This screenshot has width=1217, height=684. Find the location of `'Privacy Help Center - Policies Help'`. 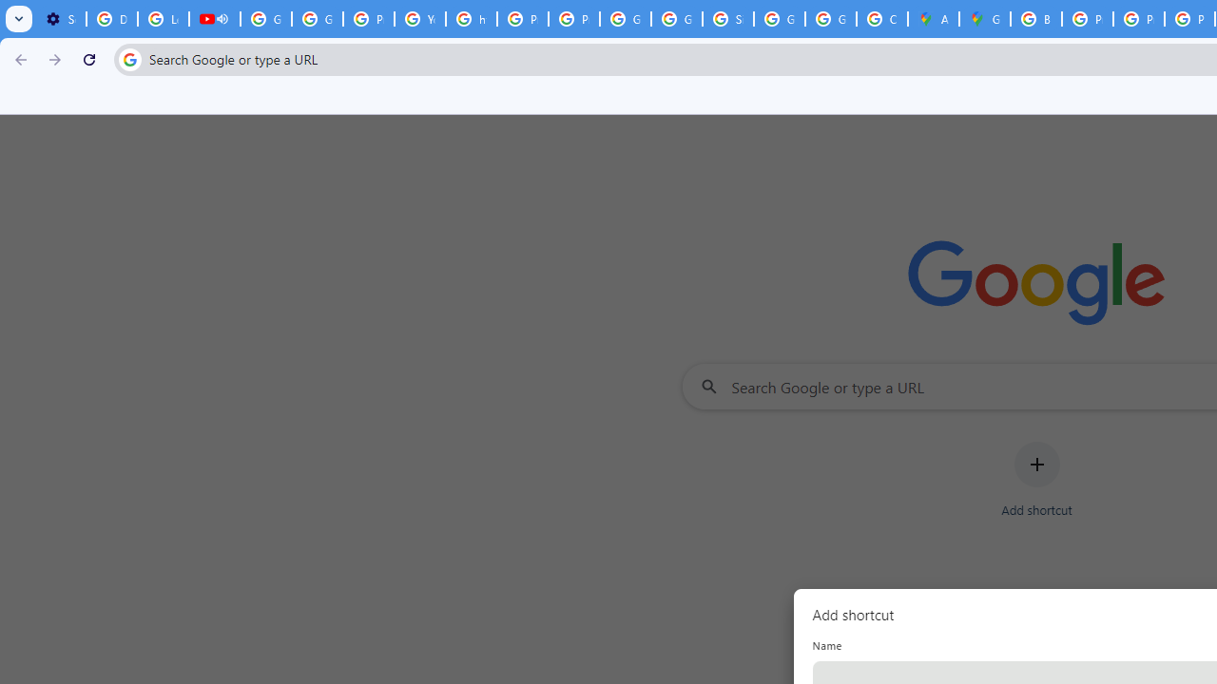

'Privacy Help Center - Policies Help' is located at coordinates (1088, 19).